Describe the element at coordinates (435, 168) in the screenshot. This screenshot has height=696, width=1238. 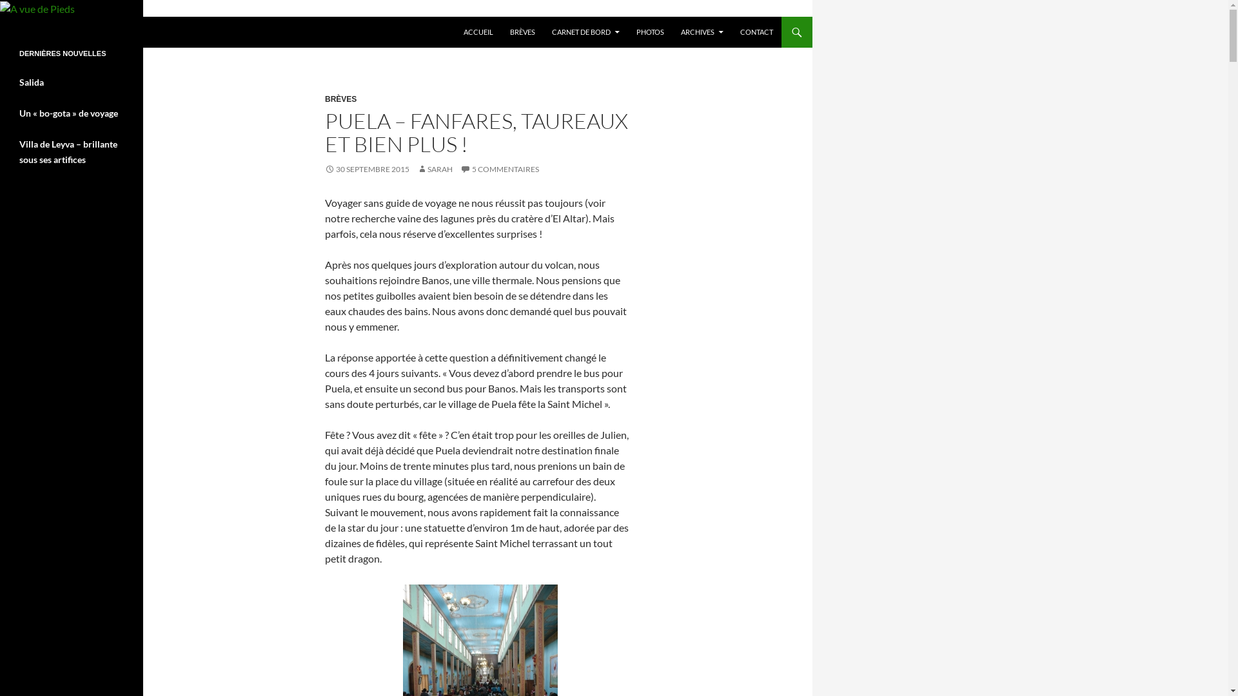
I see `'SARAH'` at that location.